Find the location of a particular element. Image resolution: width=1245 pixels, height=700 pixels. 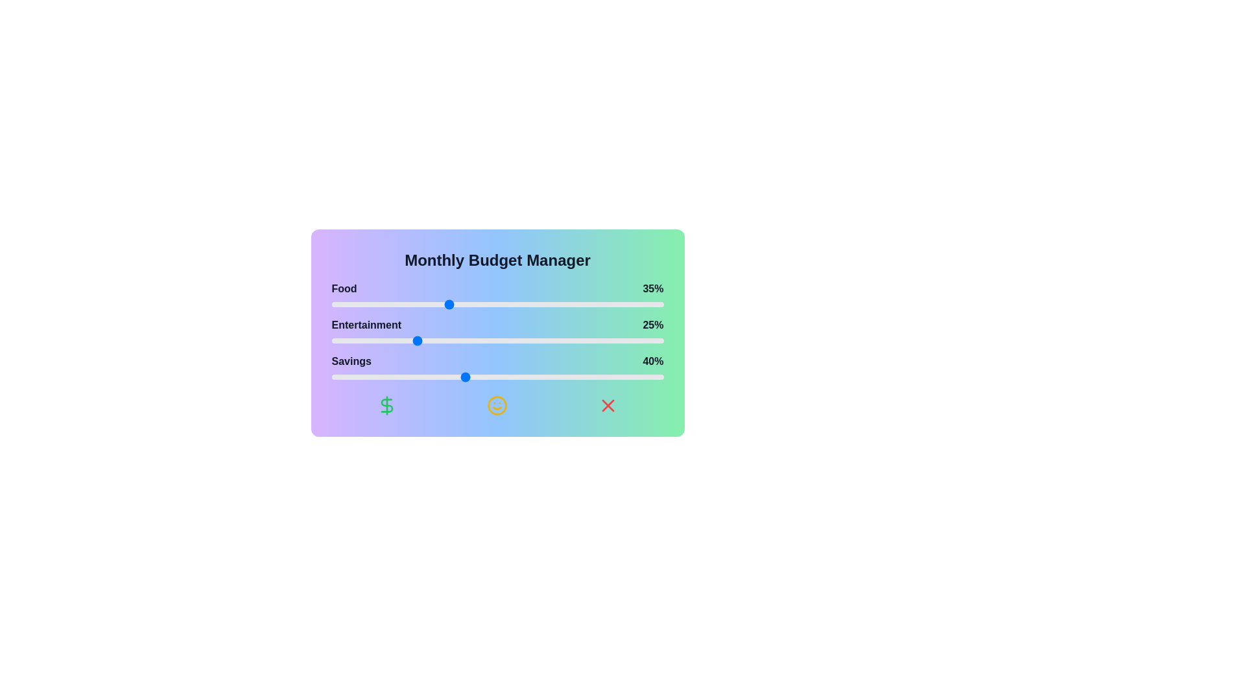

the 'Food' slider to 18% is located at coordinates (390, 305).